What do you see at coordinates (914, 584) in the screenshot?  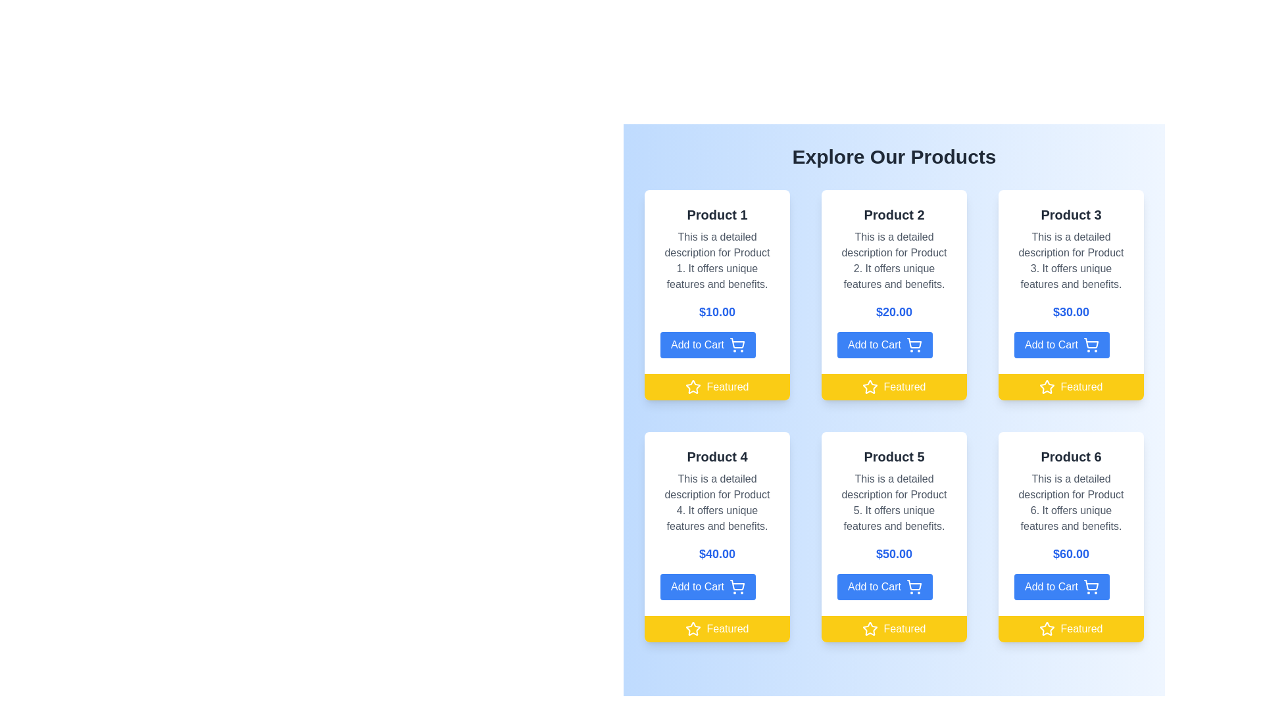 I see `the icon located on the right side of the 'Add to Cart' button within the fifth product card` at bounding box center [914, 584].